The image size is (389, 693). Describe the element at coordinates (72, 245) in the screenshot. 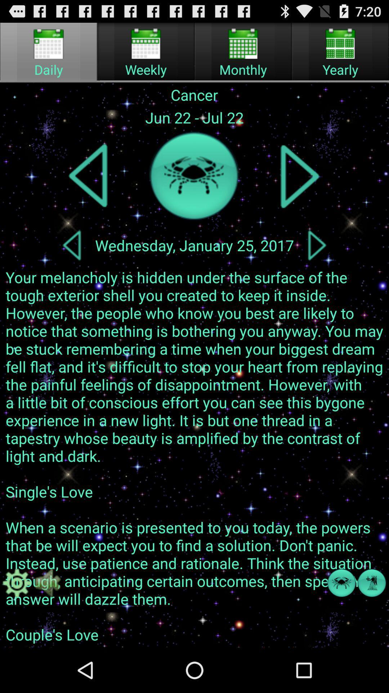

I see `previous day` at that location.